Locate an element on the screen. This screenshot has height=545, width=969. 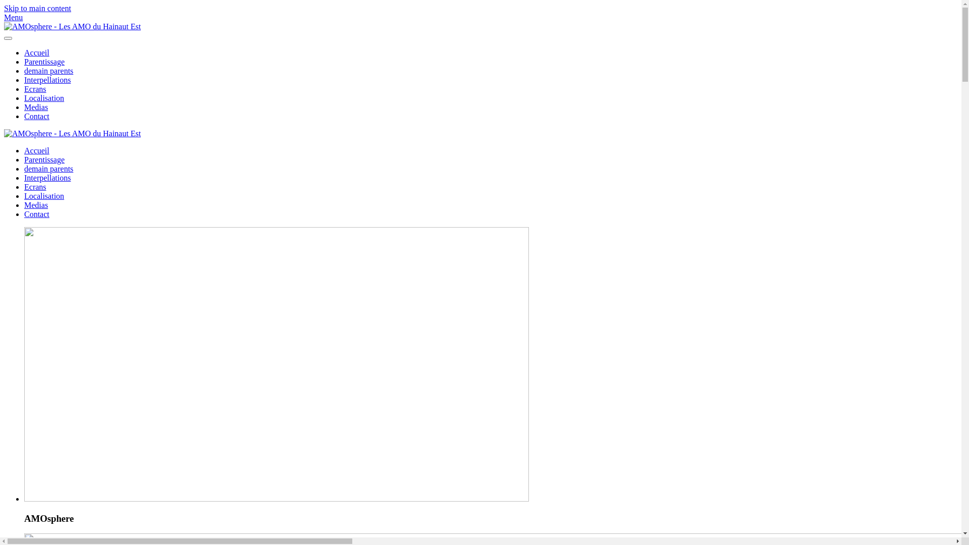
'Localisation' is located at coordinates (43, 98).